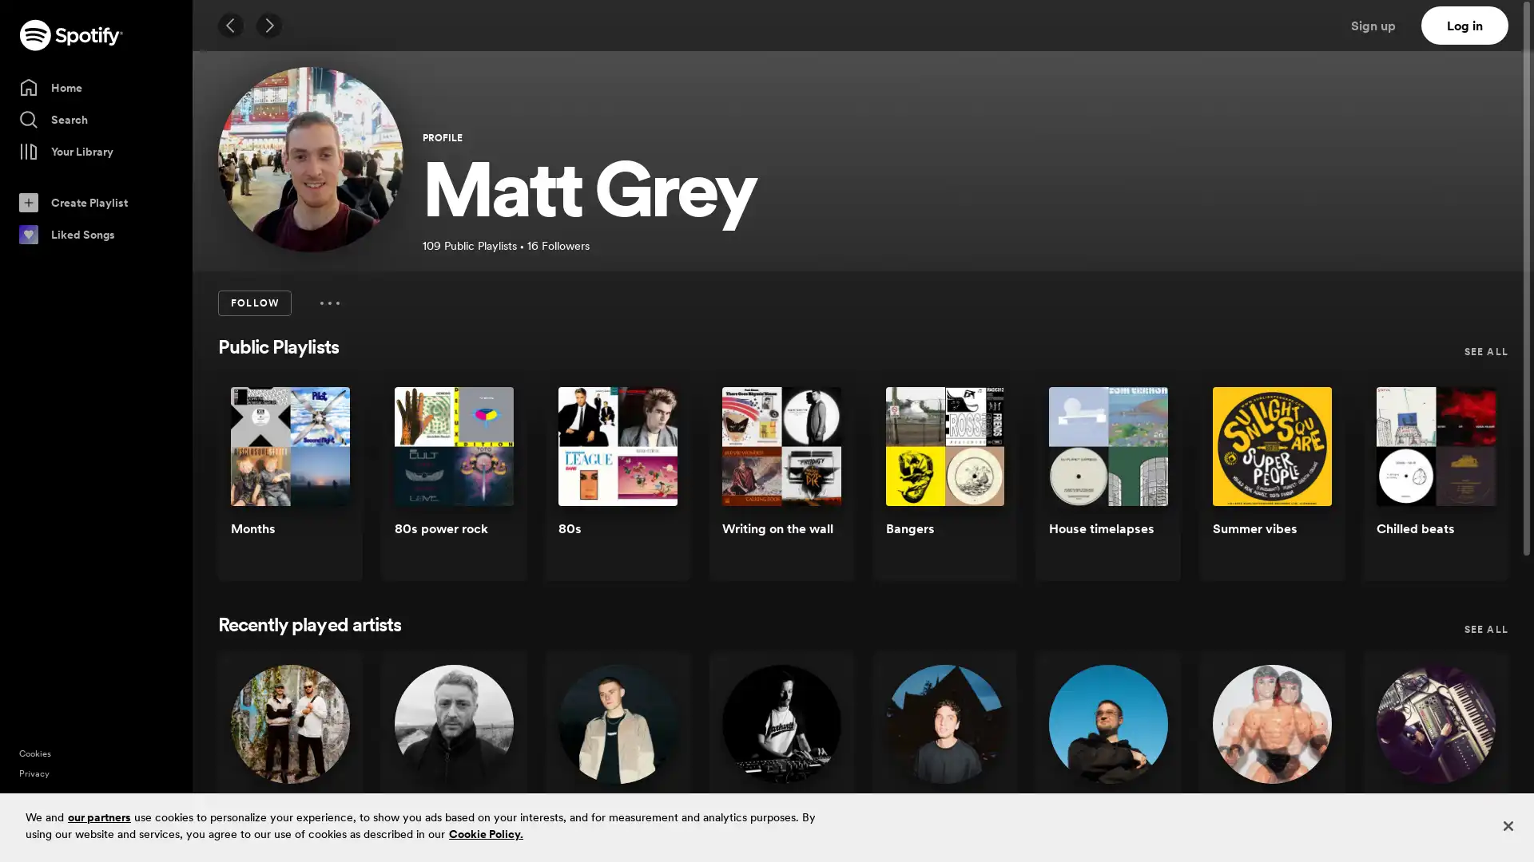 This screenshot has width=1534, height=862. What do you see at coordinates (1306, 762) in the screenshot?
I see `Play Rimbaudian` at bounding box center [1306, 762].